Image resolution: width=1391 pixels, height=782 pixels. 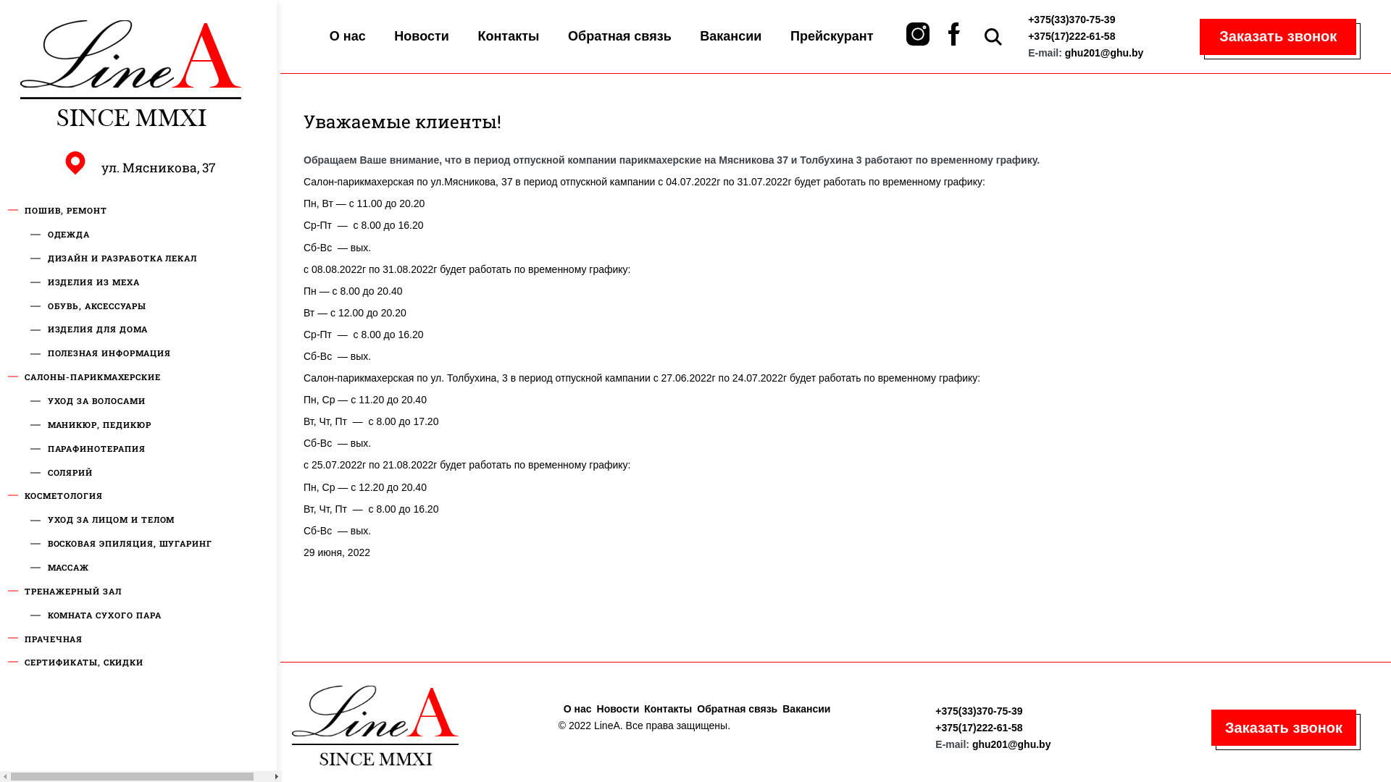 What do you see at coordinates (1027, 20) in the screenshot?
I see `'+375(33)370-75-39'` at bounding box center [1027, 20].